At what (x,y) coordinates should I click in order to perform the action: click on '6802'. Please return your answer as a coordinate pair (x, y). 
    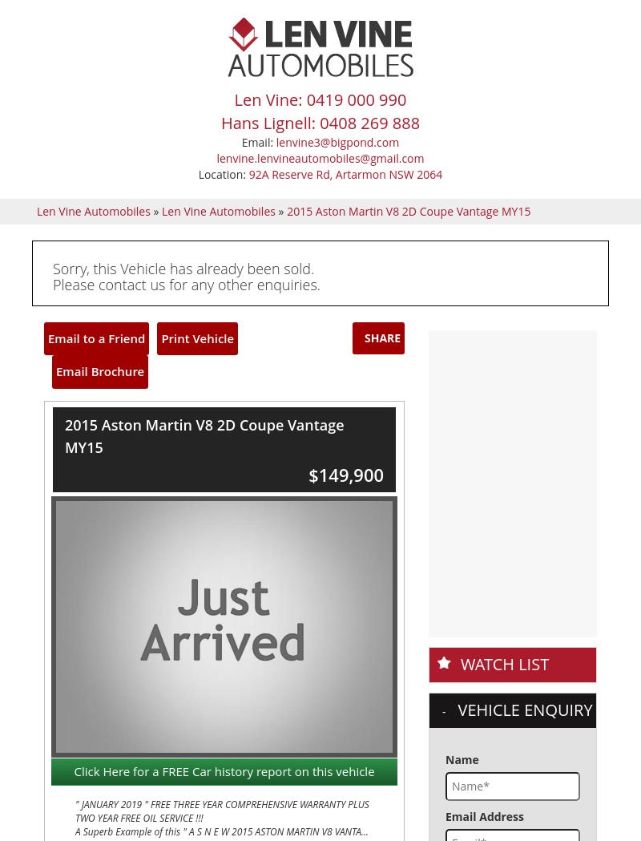
    Looking at the image, I should click on (153, 132).